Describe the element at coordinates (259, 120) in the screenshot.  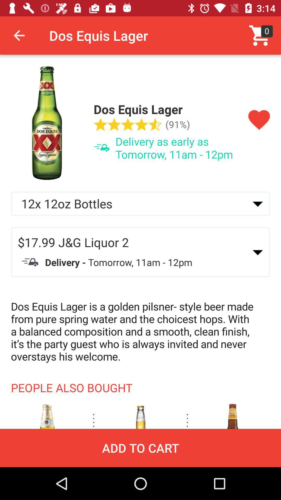
I see `like the product` at that location.